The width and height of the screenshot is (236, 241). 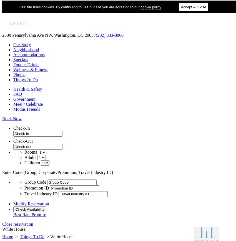 What do you see at coordinates (30, 69) in the screenshot?
I see `'Wellness & Fitness'` at bounding box center [30, 69].